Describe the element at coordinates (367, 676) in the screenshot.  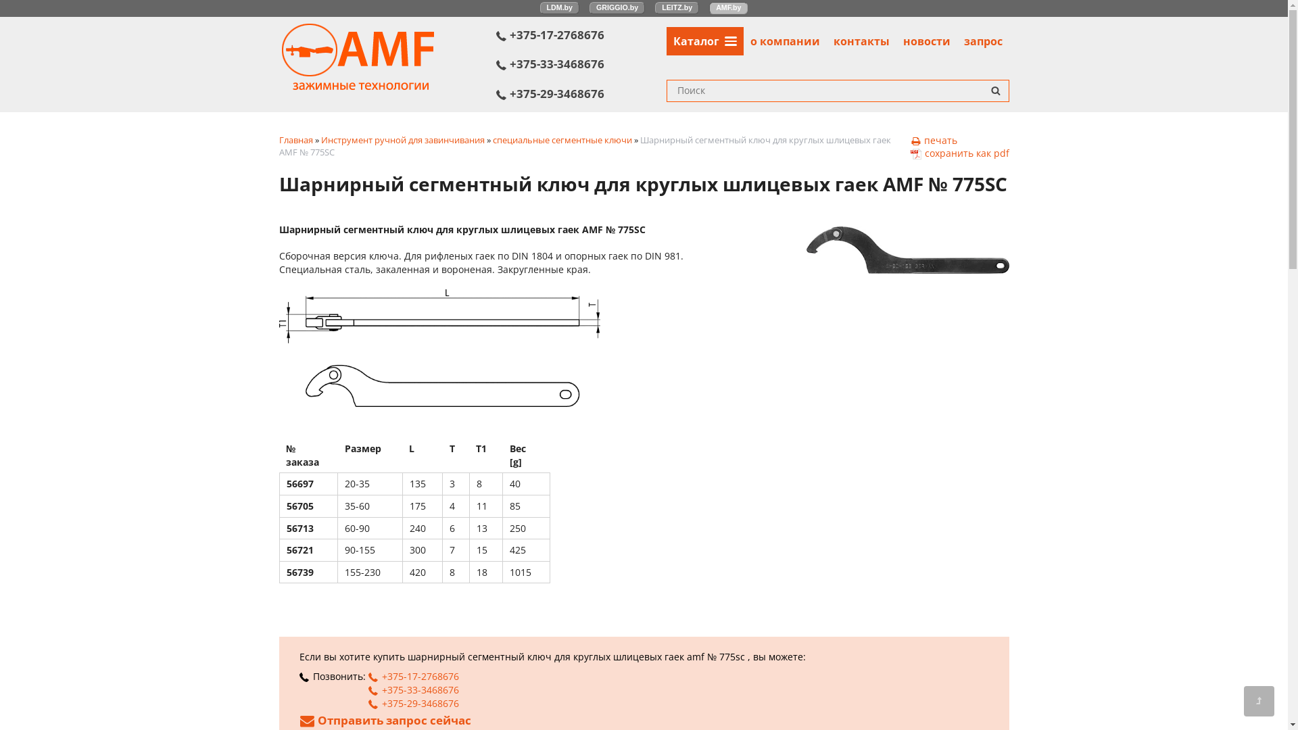
I see `'+375-17-2768676'` at that location.